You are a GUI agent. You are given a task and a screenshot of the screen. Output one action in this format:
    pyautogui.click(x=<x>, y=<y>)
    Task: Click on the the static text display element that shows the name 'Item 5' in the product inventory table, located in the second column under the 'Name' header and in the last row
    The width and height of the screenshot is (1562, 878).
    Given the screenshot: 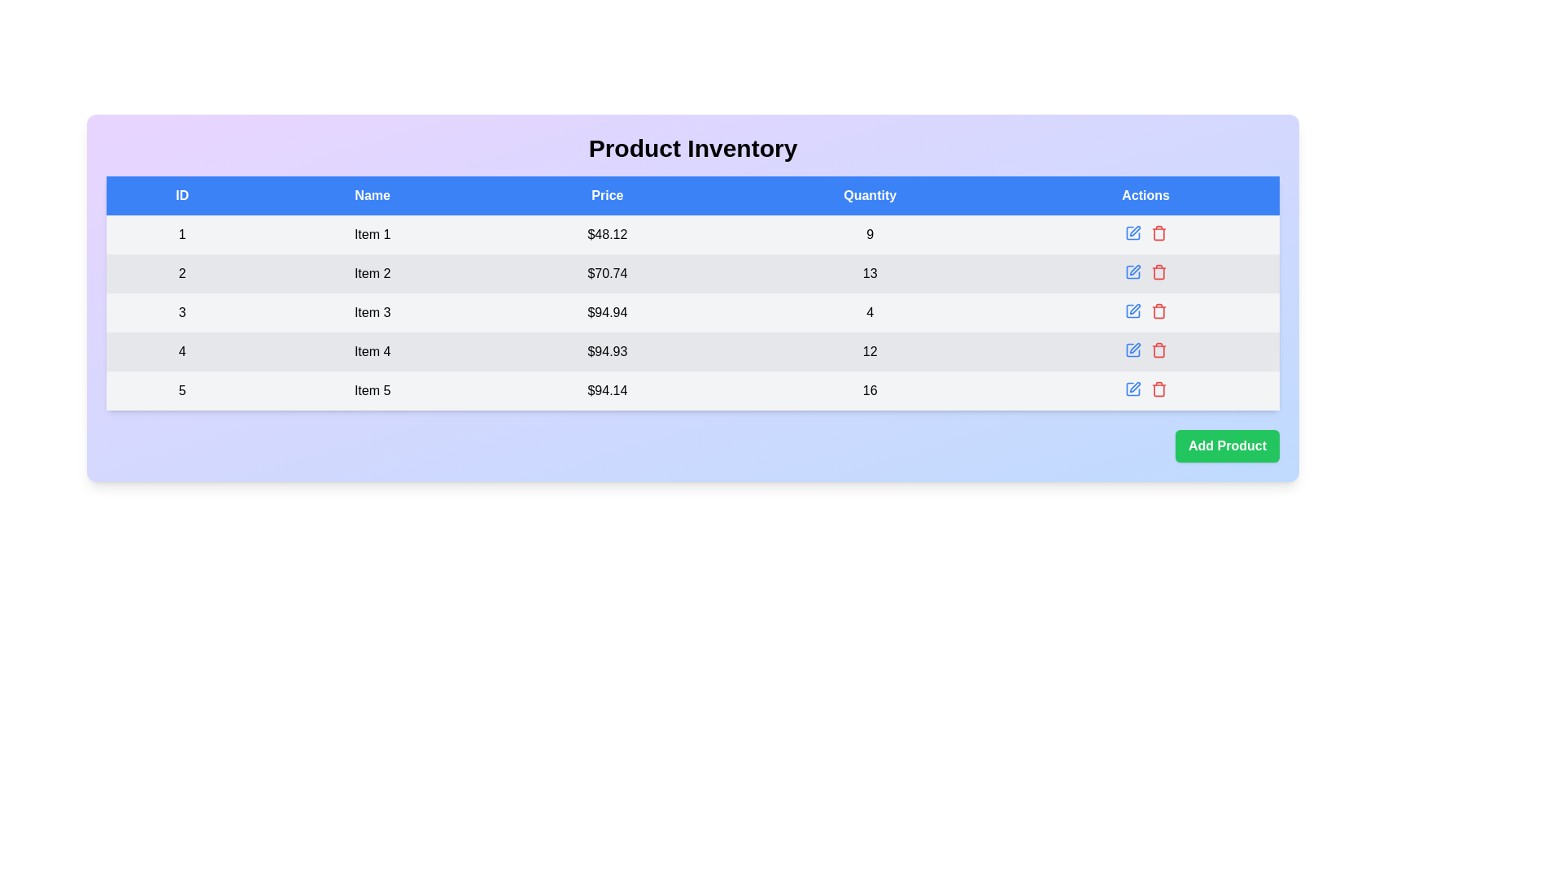 What is the action you would take?
    pyautogui.click(x=372, y=391)
    